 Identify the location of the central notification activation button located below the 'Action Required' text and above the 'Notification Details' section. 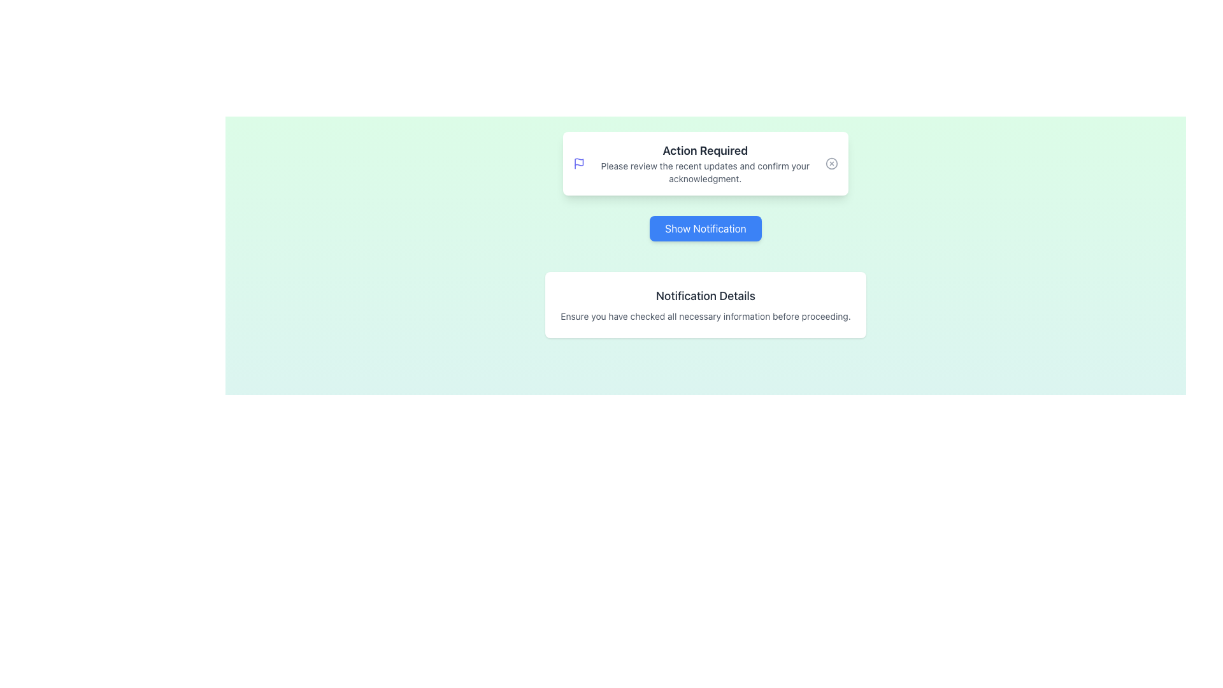
(705, 227).